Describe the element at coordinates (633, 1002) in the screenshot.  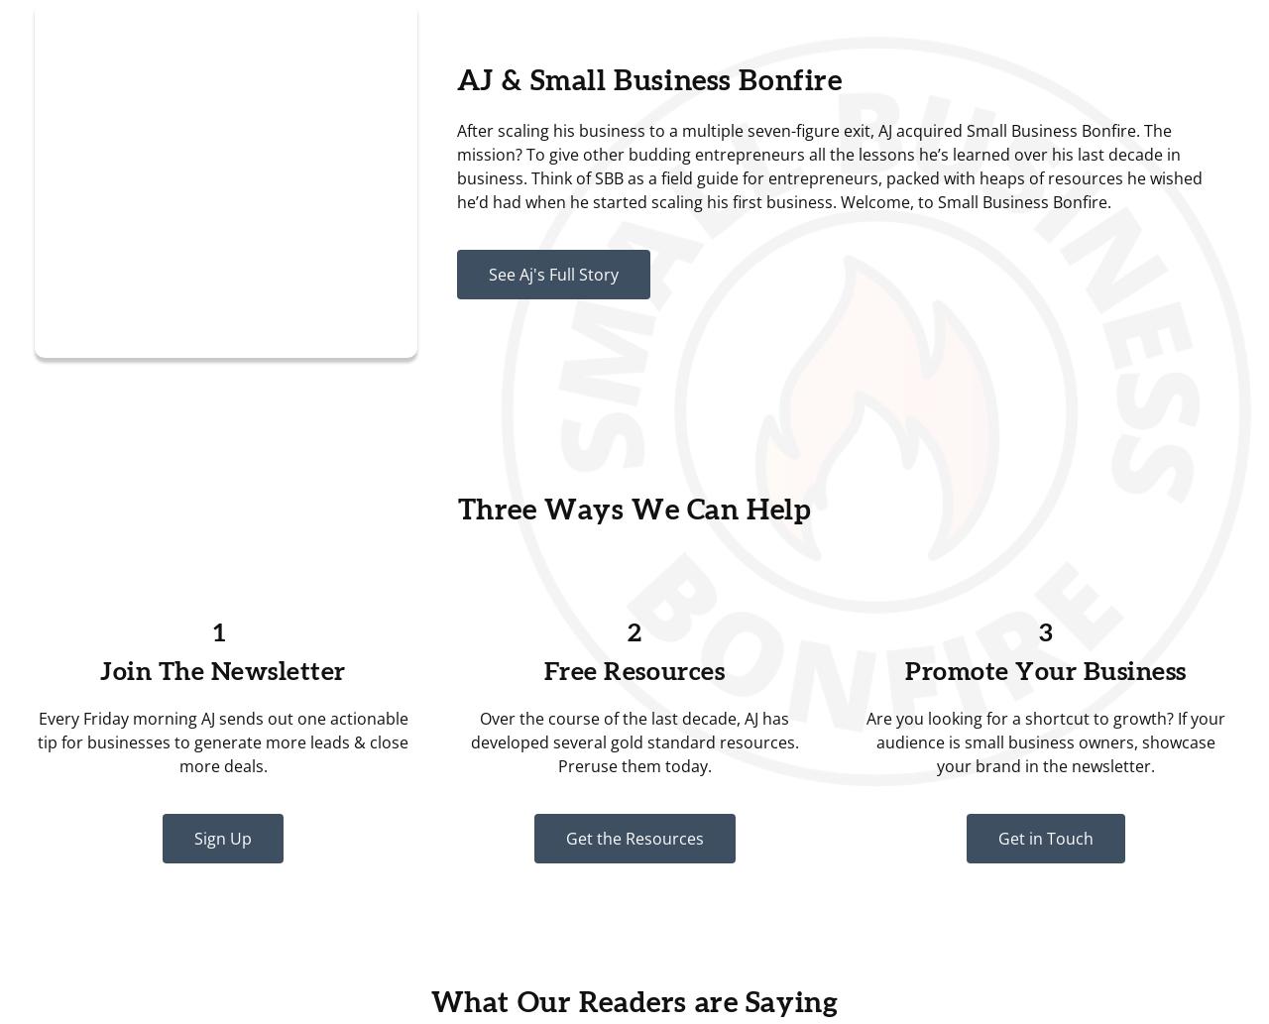
I see `'What Our Readers are Saying'` at that location.